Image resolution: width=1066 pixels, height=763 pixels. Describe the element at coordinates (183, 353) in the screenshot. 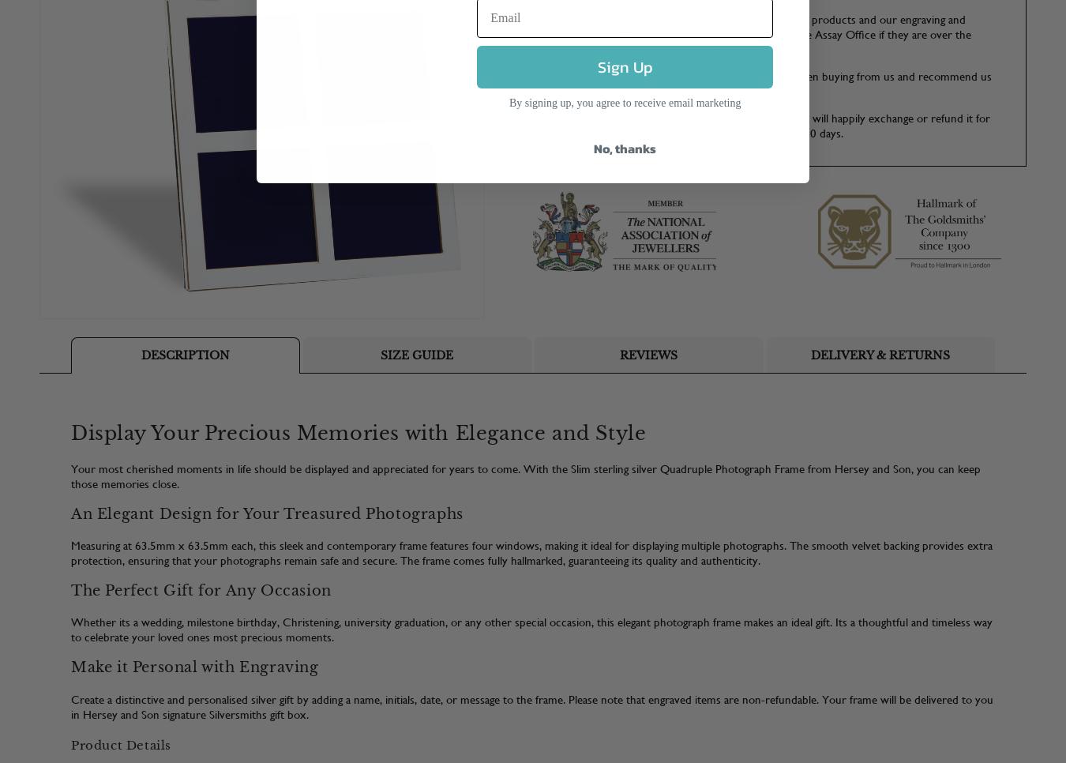

I see `'Description'` at that location.